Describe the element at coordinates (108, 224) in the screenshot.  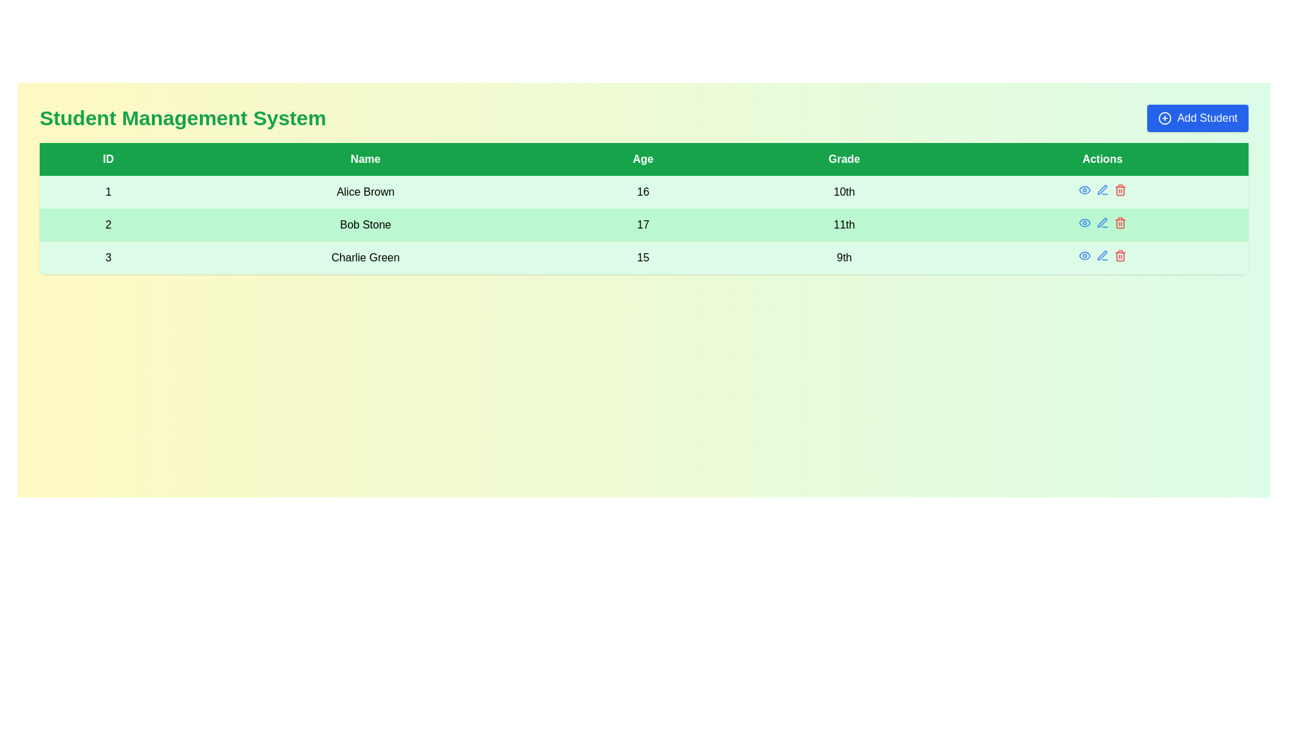
I see `the Text label in the leftmost cell of the second row under the 'ID' header, which uniquely identifies the student entry for 'Bob Stone'` at that location.